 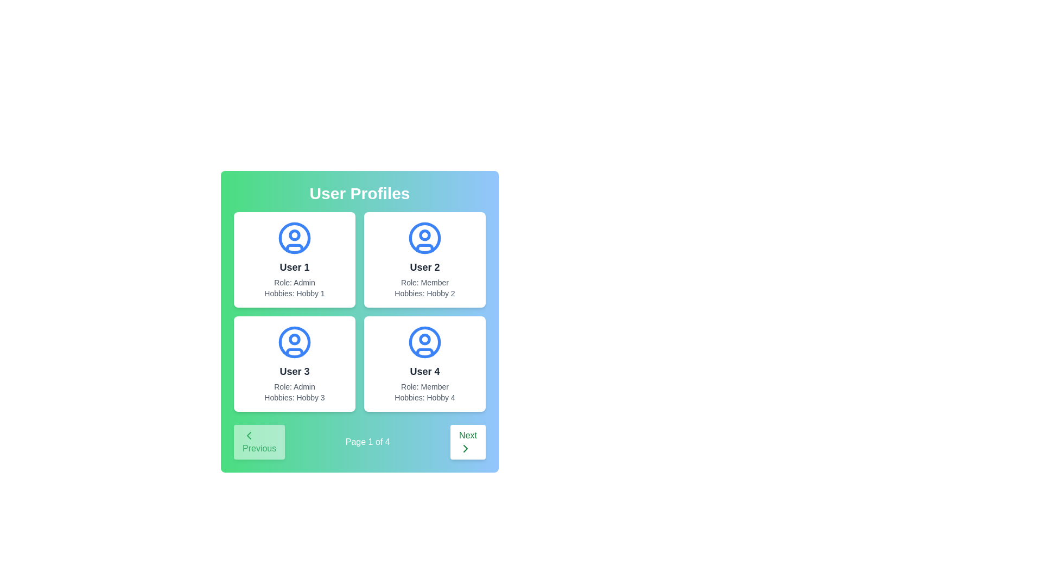 What do you see at coordinates (424, 364) in the screenshot?
I see `the user profile card located in the bottom-right corner of the 2x2 grid, which displays user details such as name, role, and hobbies` at bounding box center [424, 364].